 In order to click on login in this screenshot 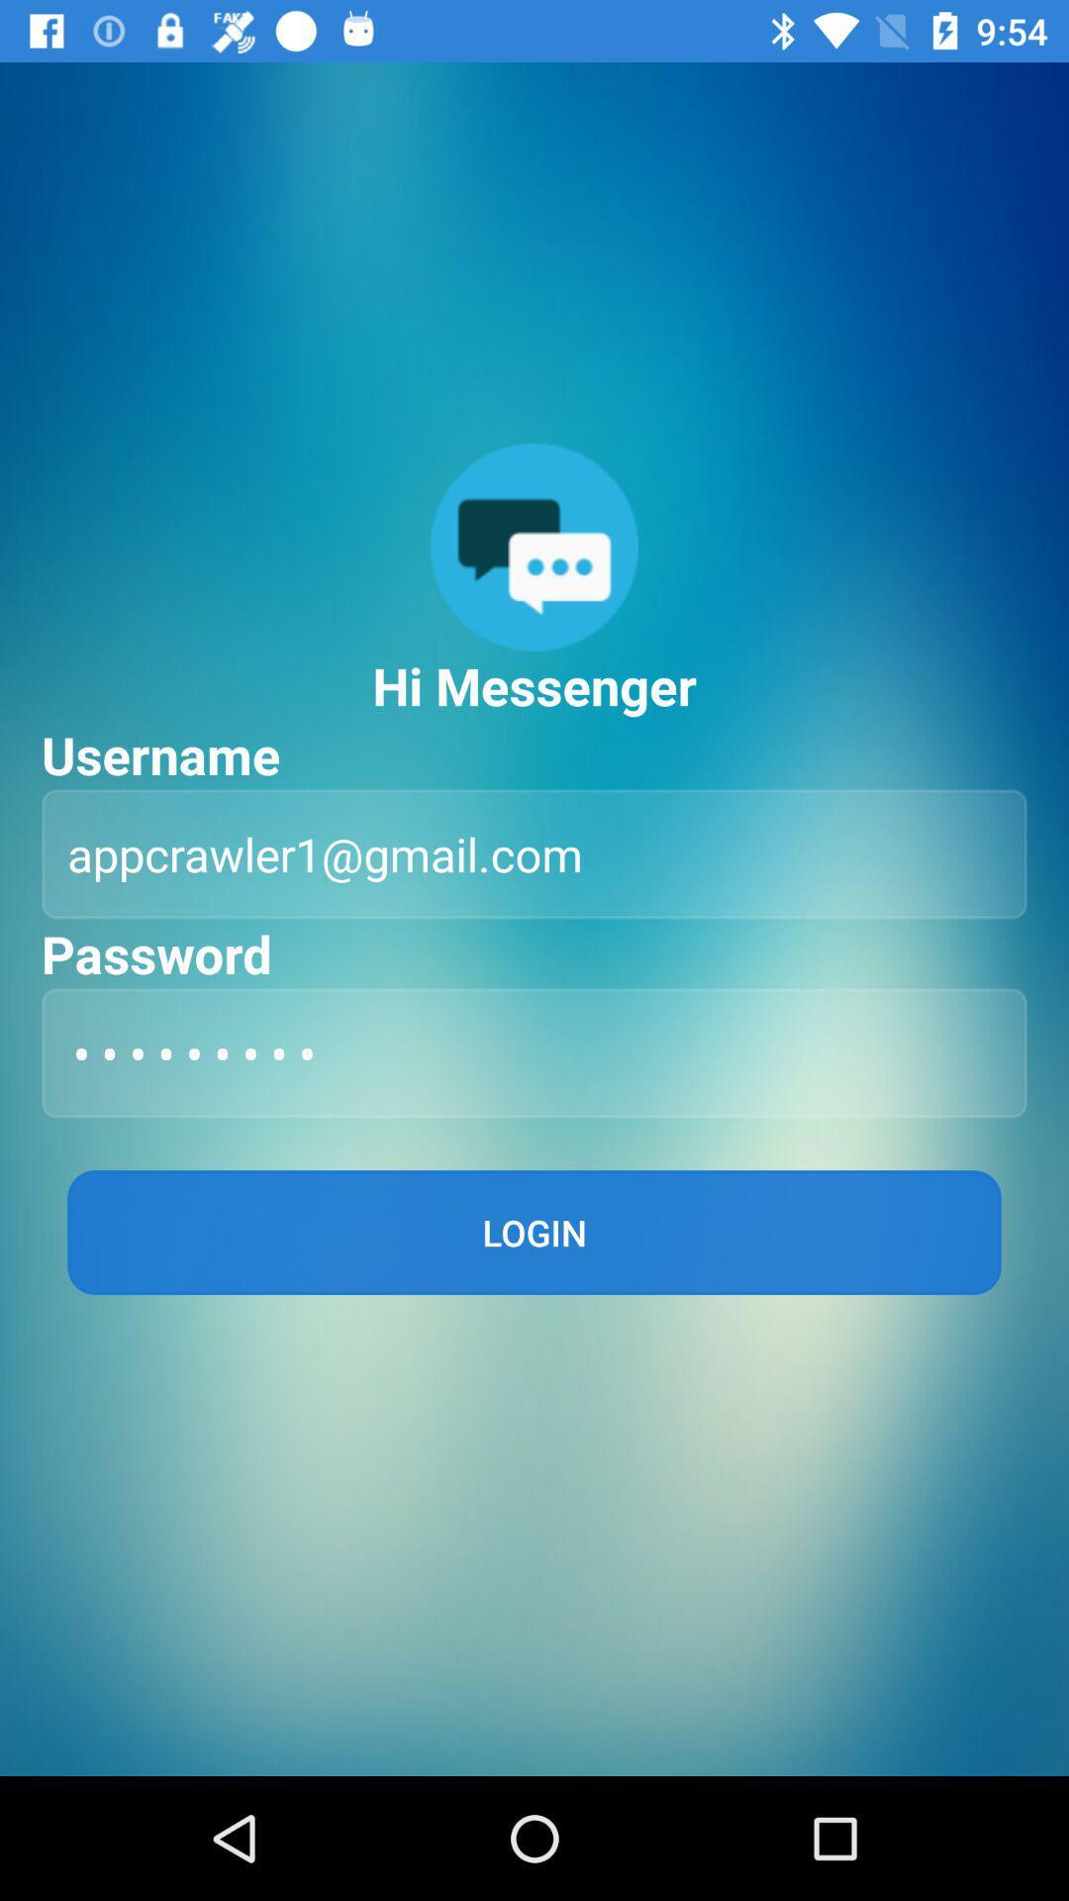, I will do `click(534, 1231)`.